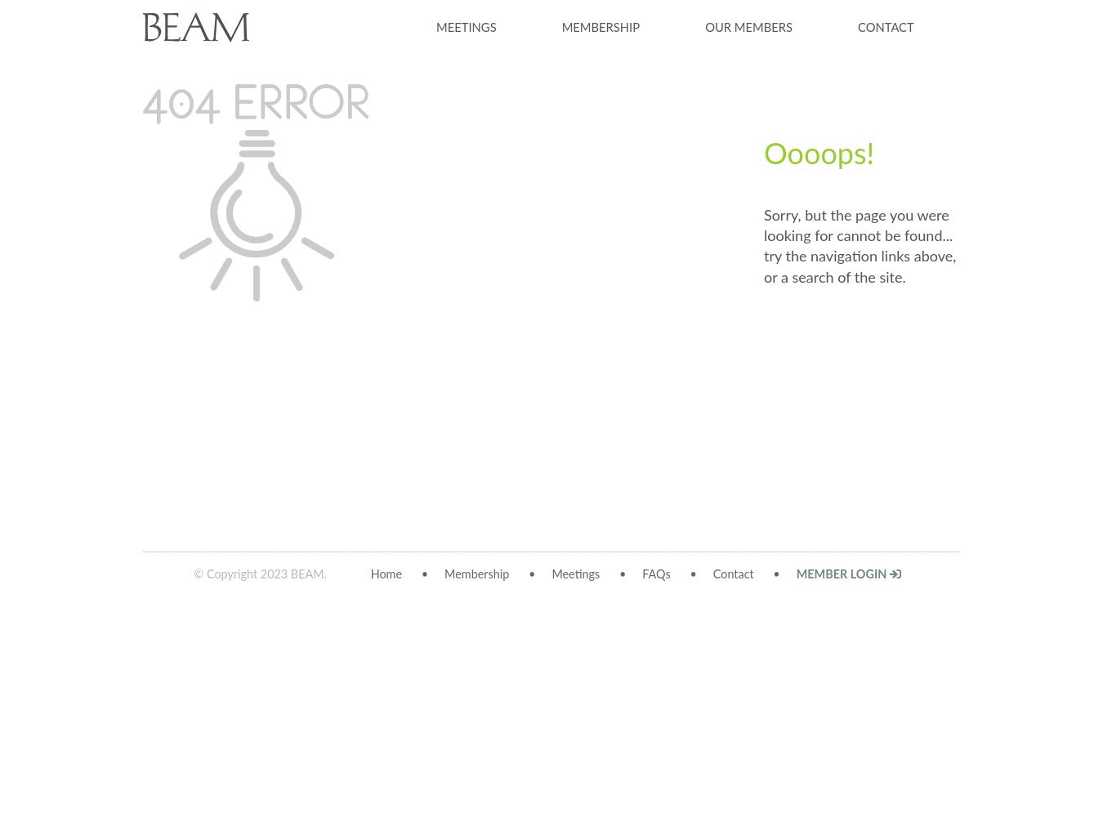  Describe the element at coordinates (193, 574) in the screenshot. I see `'© Copyright 2023 BEAM.'` at that location.